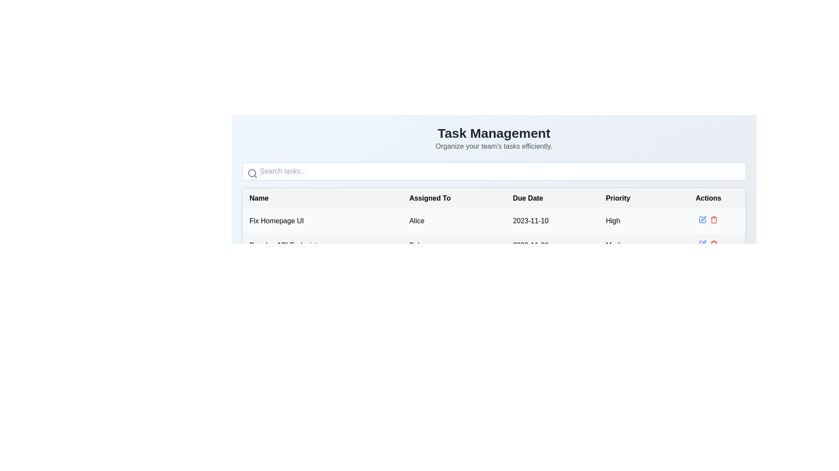  What do you see at coordinates (714, 219) in the screenshot?
I see `the delete button in the 'Actions' column for the task 'Fix Homepage UI' to change its icon color` at bounding box center [714, 219].